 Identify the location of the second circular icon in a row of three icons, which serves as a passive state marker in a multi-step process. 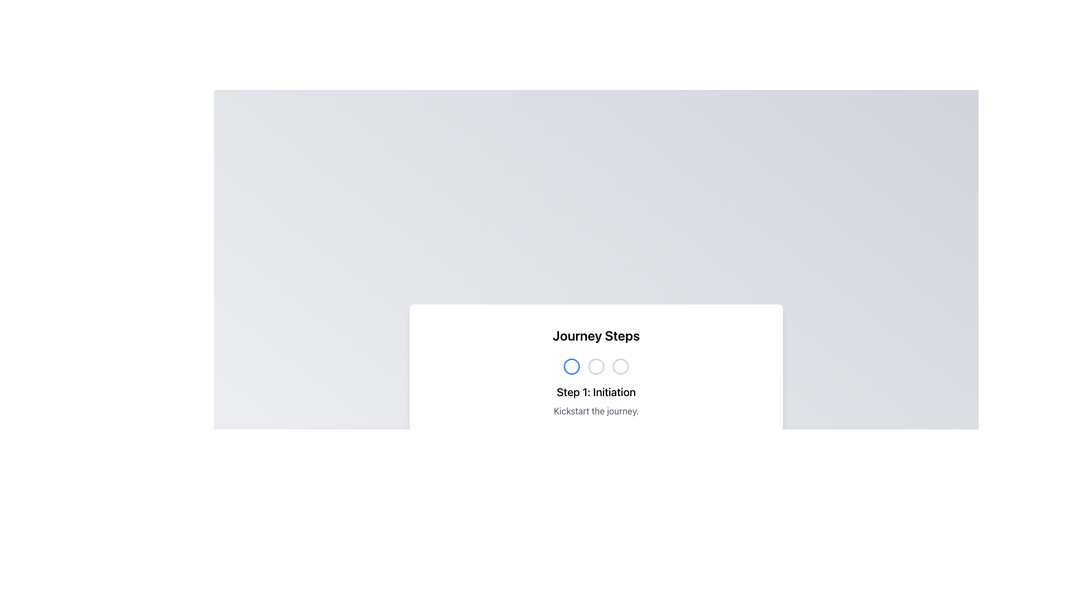
(596, 366).